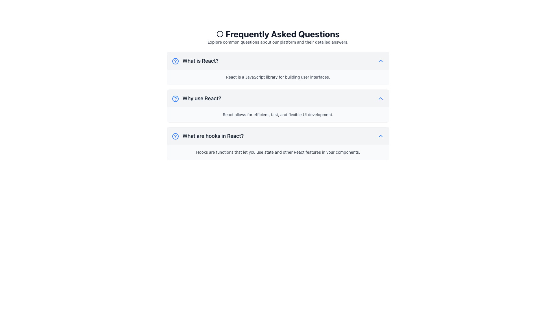 This screenshot has width=555, height=312. What do you see at coordinates (380, 98) in the screenshot?
I see `the upward-facing blue chevron icon located in the rightmost section of the 'Why use React?' panel` at bounding box center [380, 98].